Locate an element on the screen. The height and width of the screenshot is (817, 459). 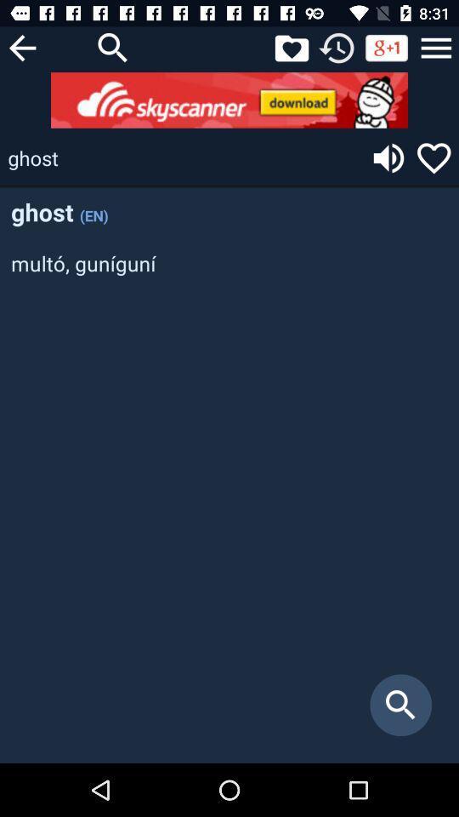
the favorite icon is located at coordinates (433, 157).